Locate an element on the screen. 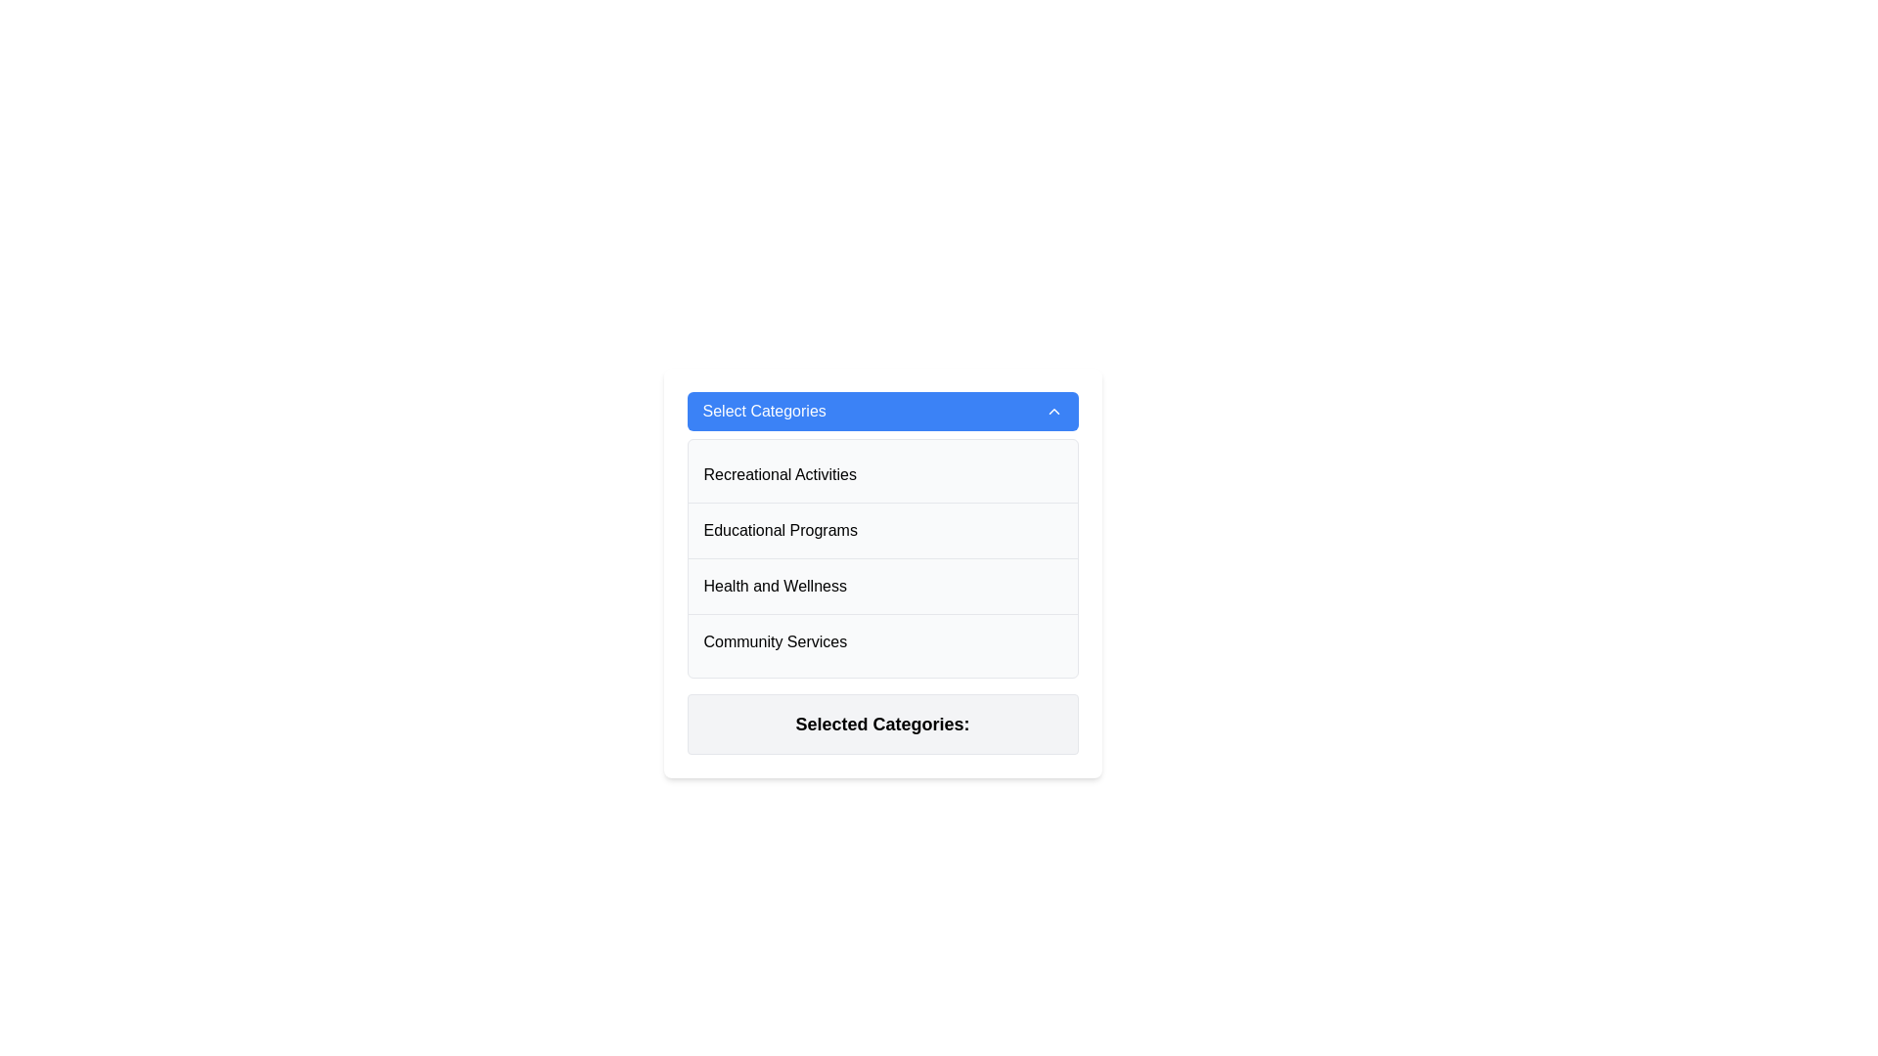 This screenshot has height=1056, width=1878. to select the list item labeled 'Community Services', which is the fourth item in a vertically-stacked list, located below 'Health and Wellness' is located at coordinates (881, 641).